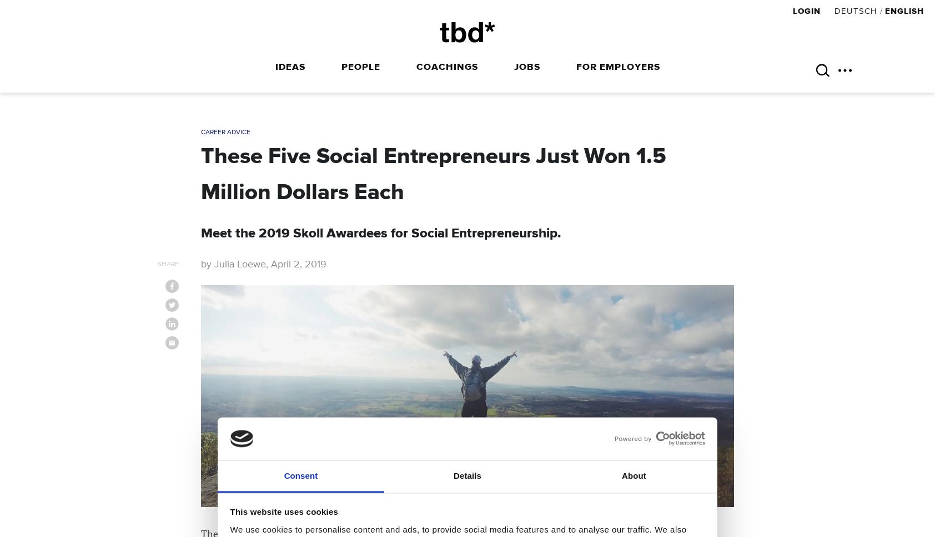 This screenshot has width=935, height=537. Describe the element at coordinates (807, 11) in the screenshot. I see `'Login'` at that location.